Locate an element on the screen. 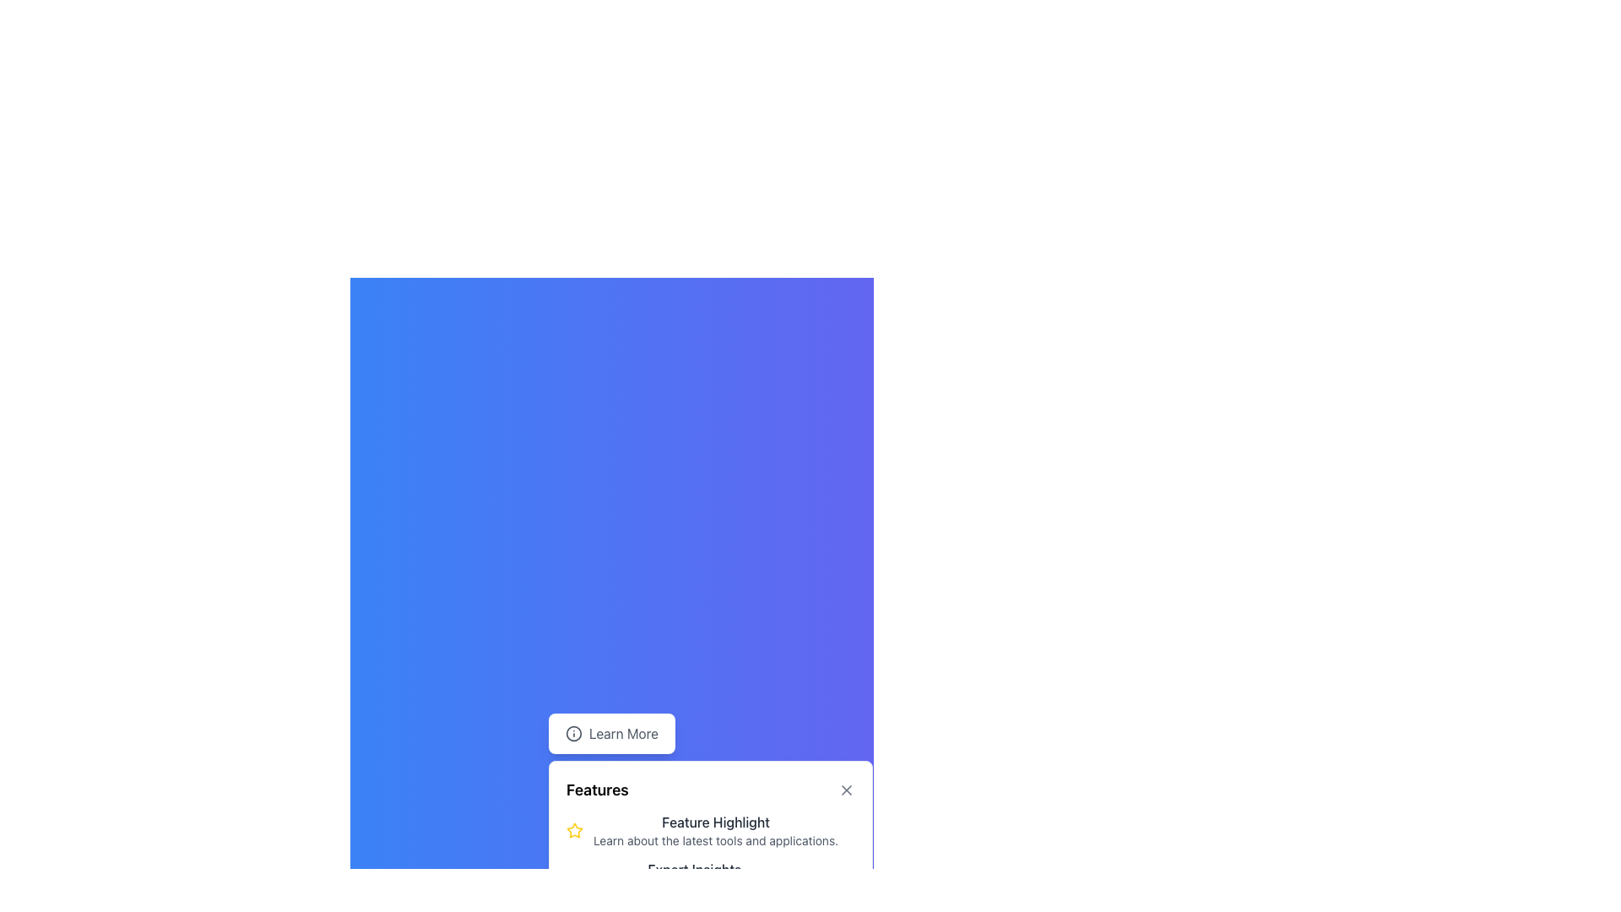 The image size is (1621, 912). the yellow star icon with a hollow center located in the bottom section of the interface, to the left of 'Feature Highlight' and above 'Learn about the latest tools and applications' is located at coordinates (575, 829).